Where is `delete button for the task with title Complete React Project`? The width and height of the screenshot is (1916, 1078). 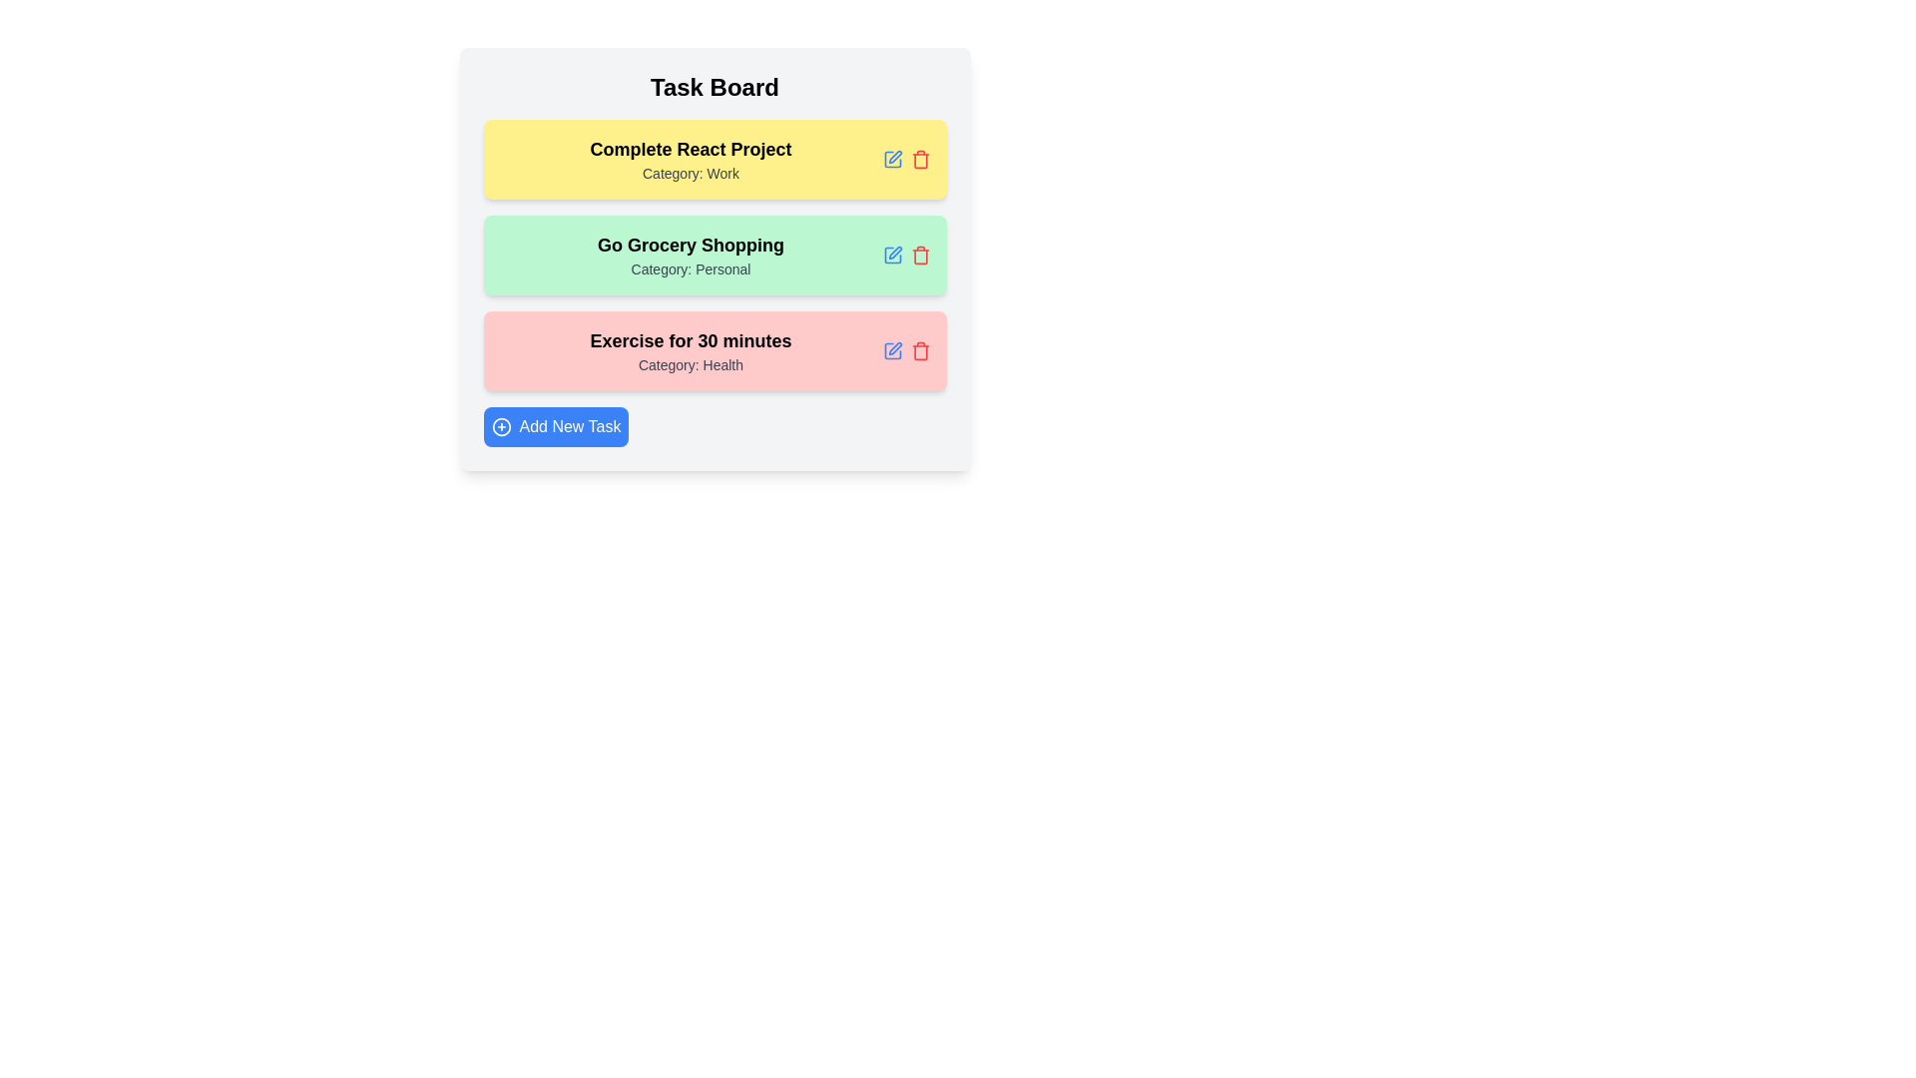
delete button for the task with title Complete React Project is located at coordinates (919, 158).